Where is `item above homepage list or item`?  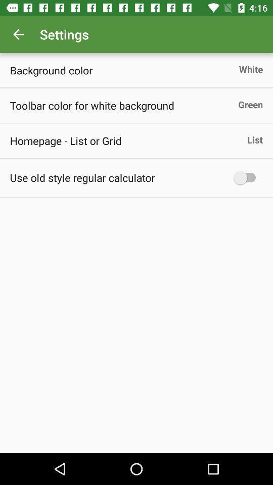 item above homepage list or item is located at coordinates (92, 105).